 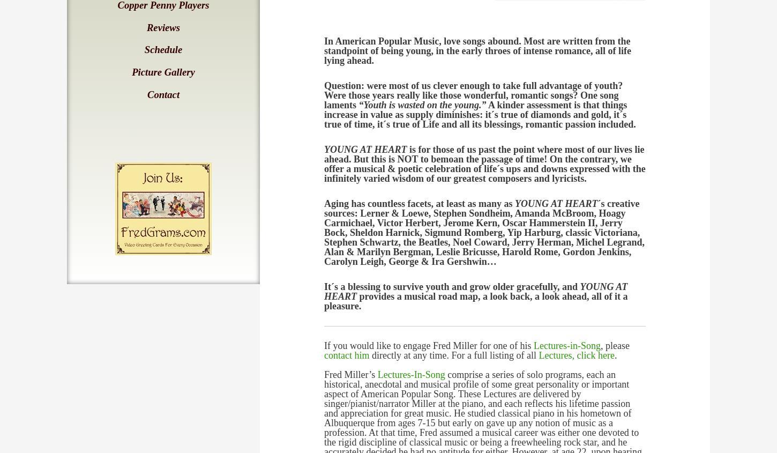 What do you see at coordinates (428, 345) in the screenshot?
I see `'If you would like to engage Fred Miller for one of his'` at bounding box center [428, 345].